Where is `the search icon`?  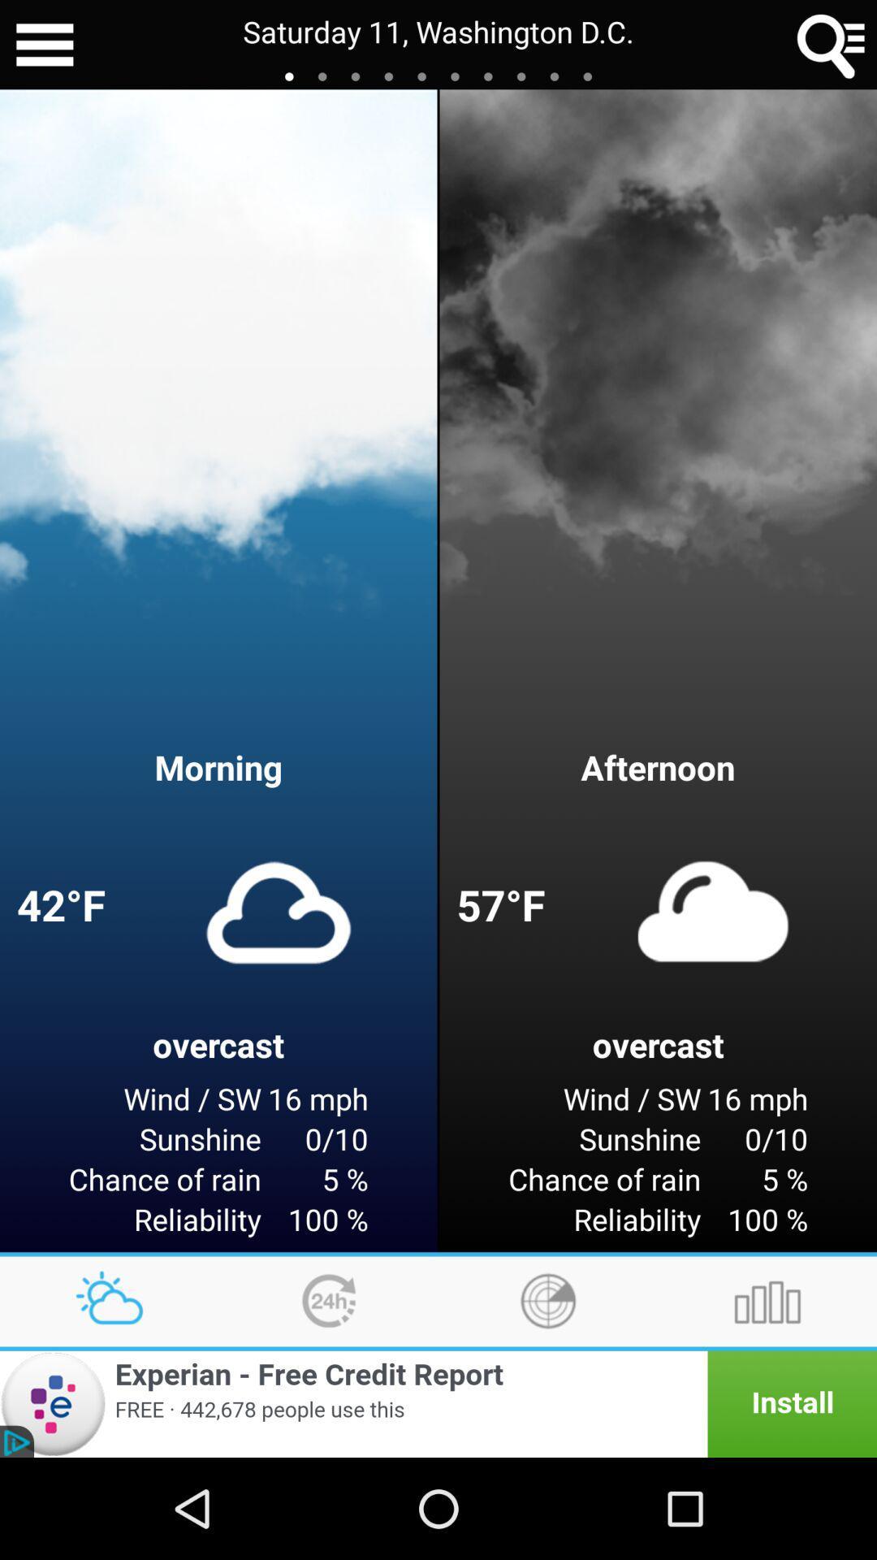
the search icon is located at coordinates (832, 47).